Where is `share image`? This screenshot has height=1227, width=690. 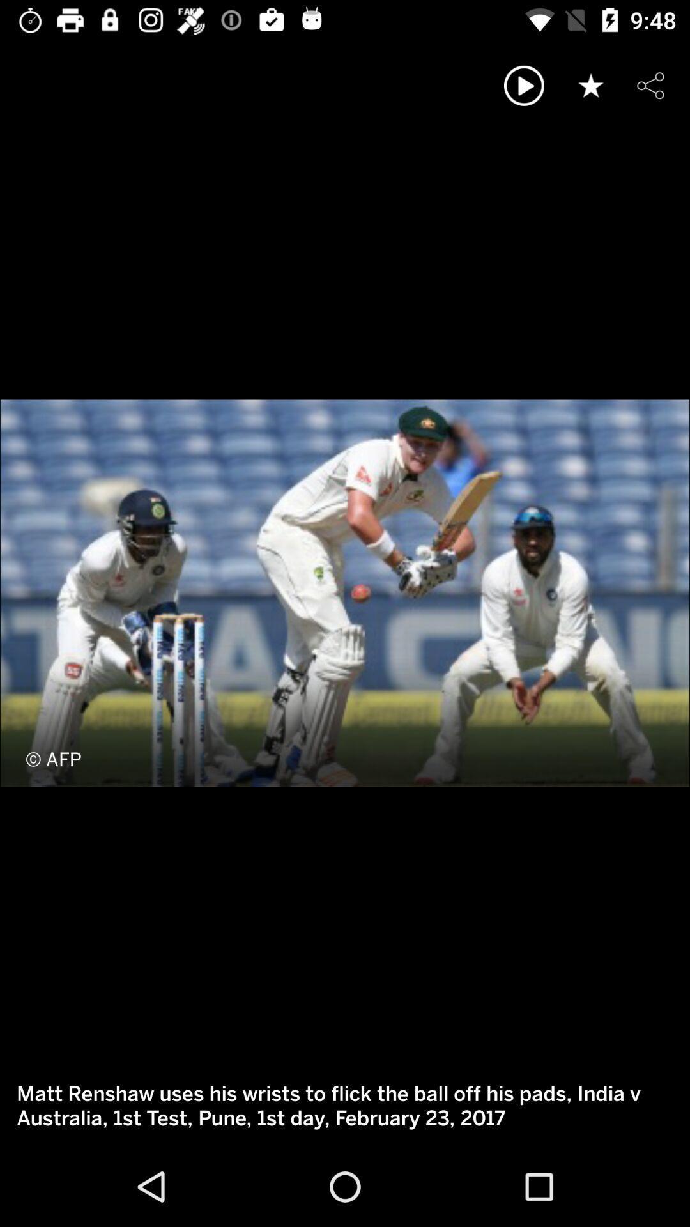
share image is located at coordinates (650, 85).